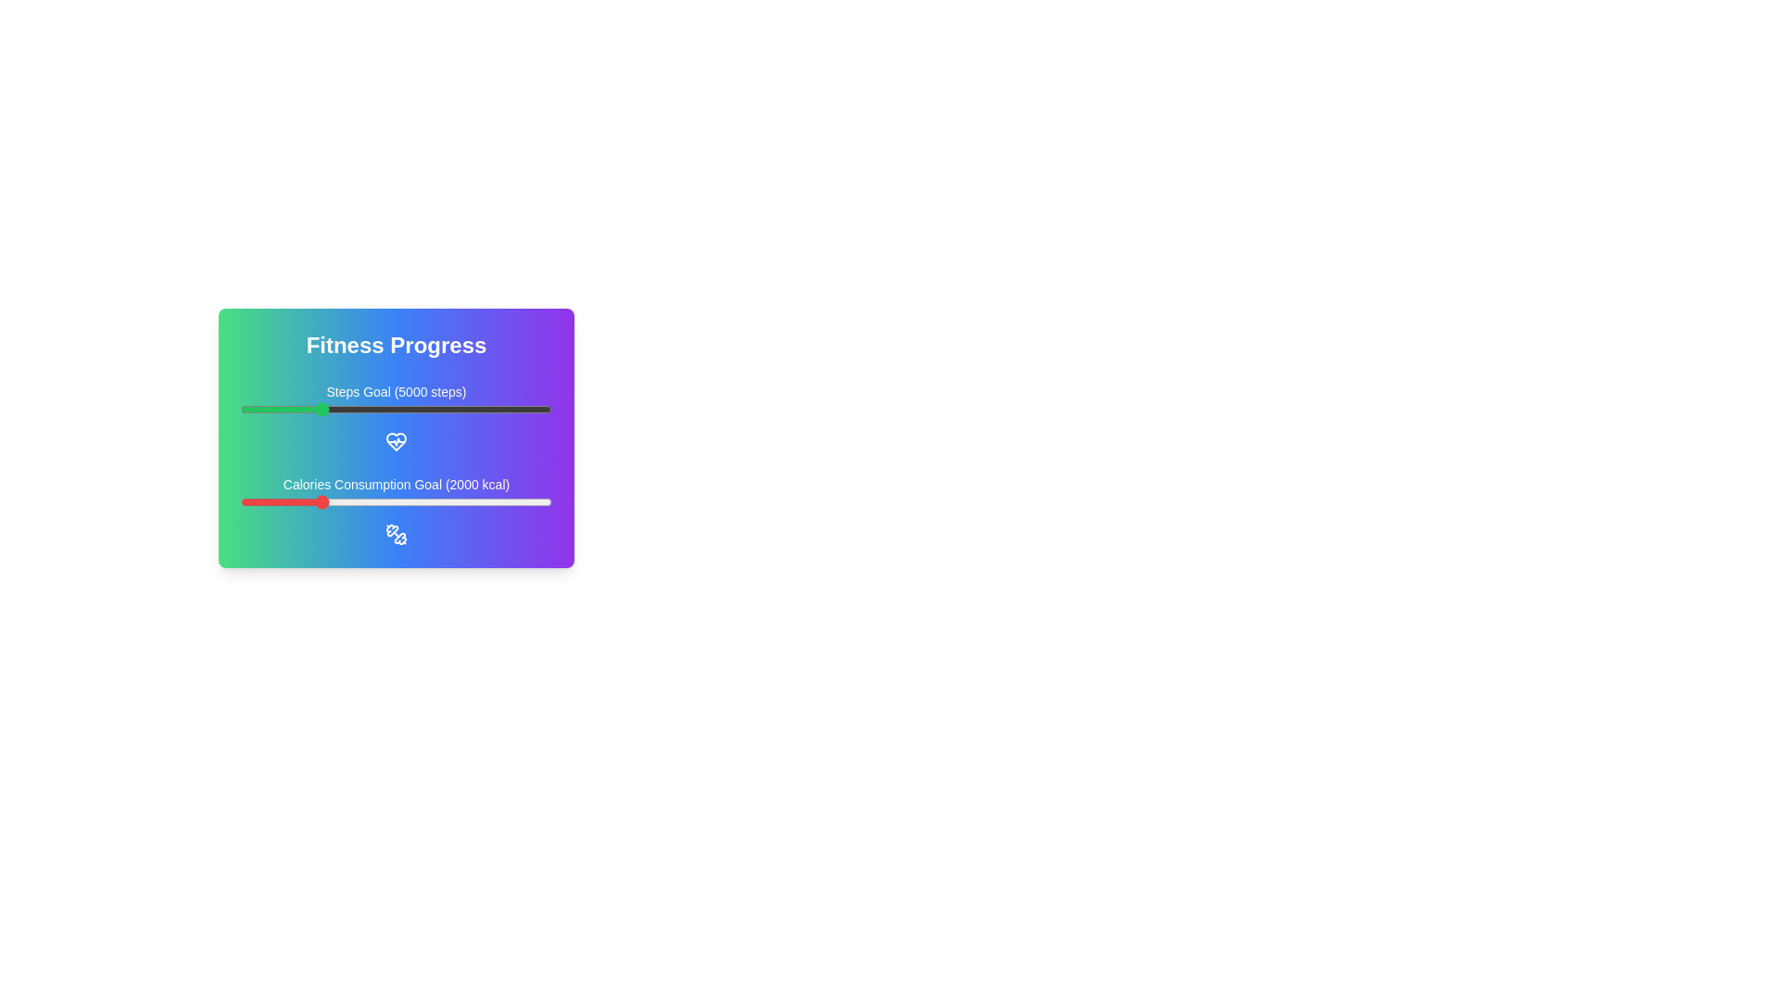 This screenshot has height=1001, width=1779. I want to click on the second range slider labeled 'Calories Consumption Goal (2000 kcal)' to set the calorie consumption goal value, so click(395, 502).